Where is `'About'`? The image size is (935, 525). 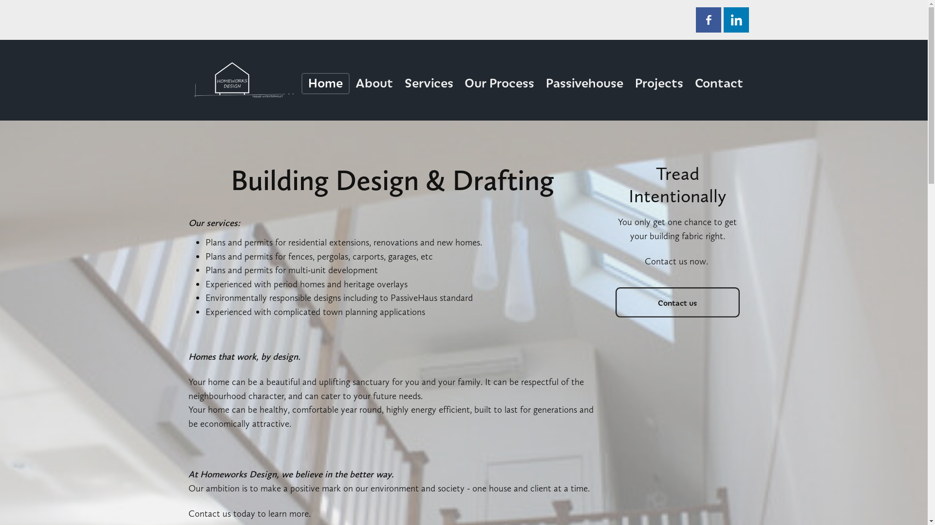 'About' is located at coordinates (374, 83).